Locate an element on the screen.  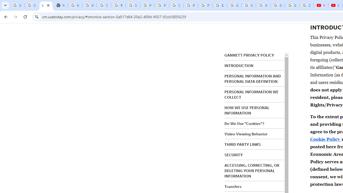
'View site information' is located at coordinates (36, 16).